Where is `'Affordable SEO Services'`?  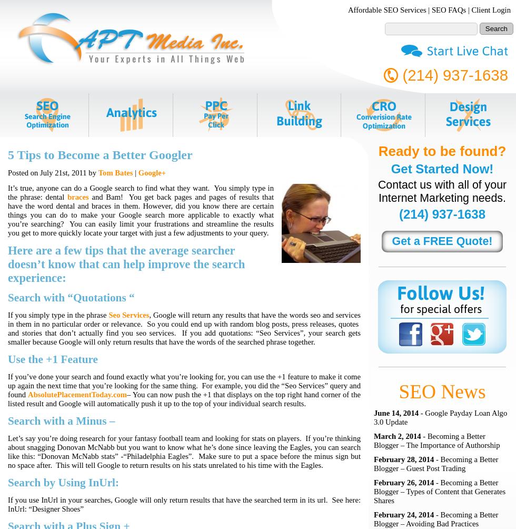 'Affordable SEO Services' is located at coordinates (386, 9).